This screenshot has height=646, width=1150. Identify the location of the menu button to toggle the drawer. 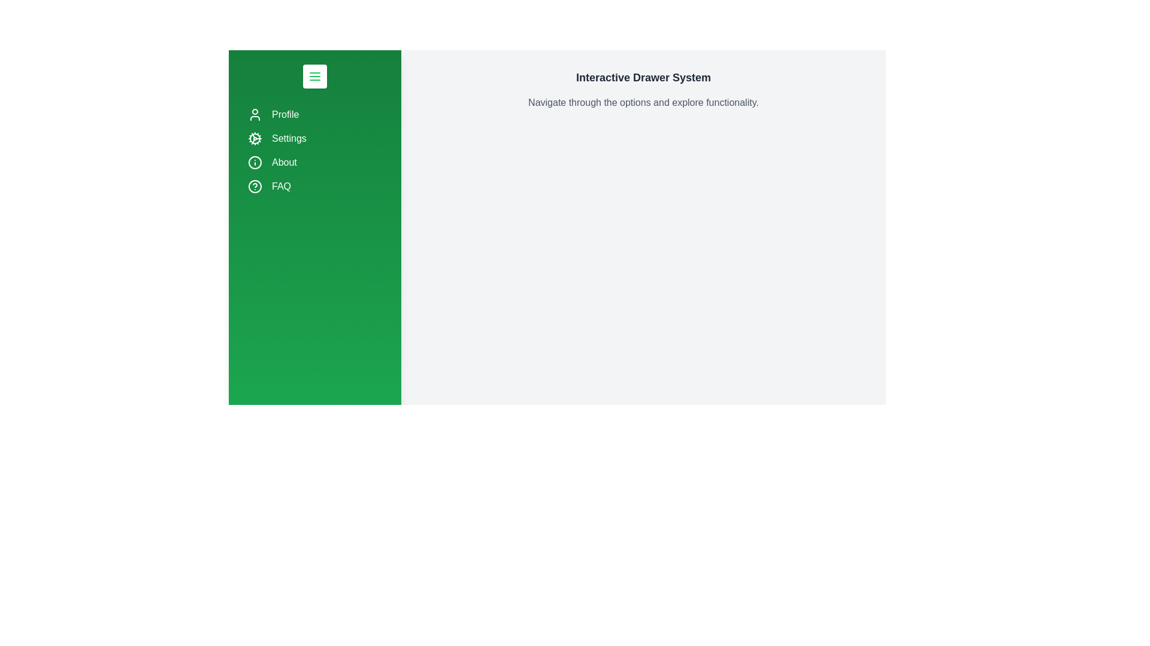
(315, 76).